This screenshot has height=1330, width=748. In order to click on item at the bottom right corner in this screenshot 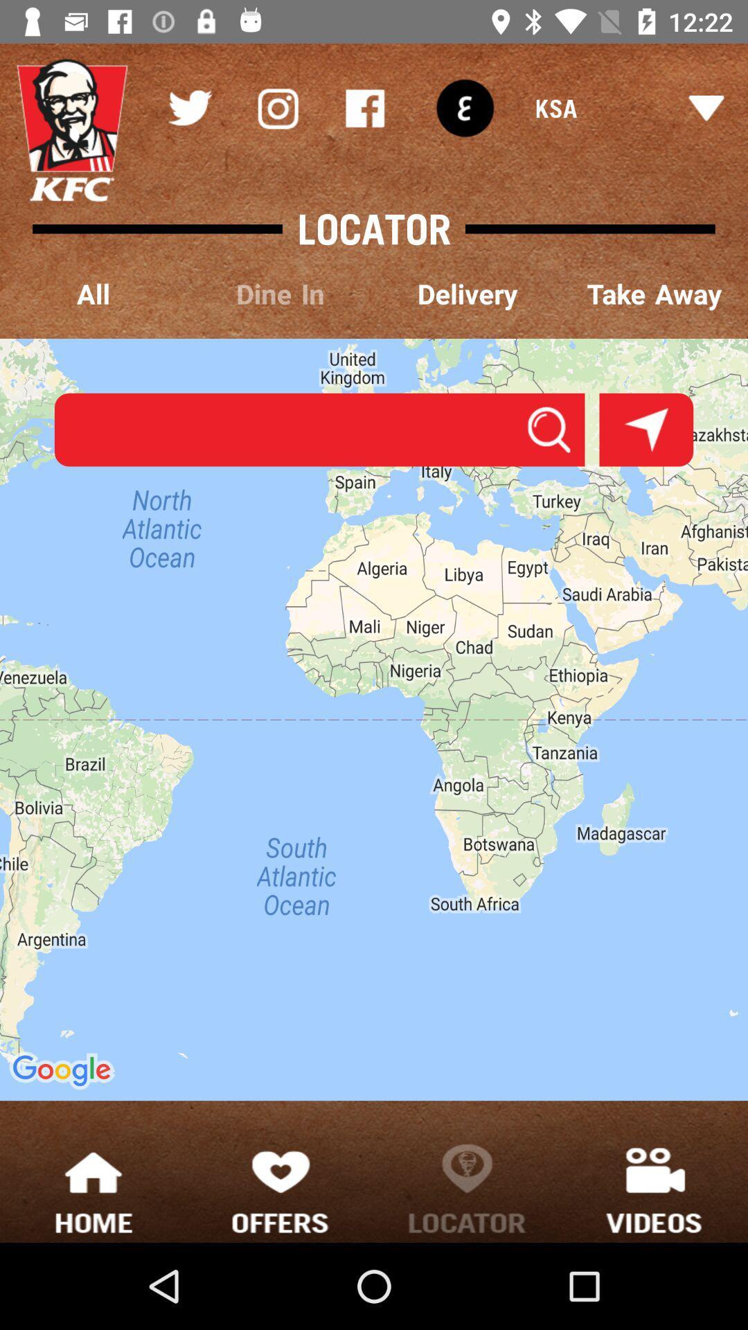, I will do `click(654, 1187)`.